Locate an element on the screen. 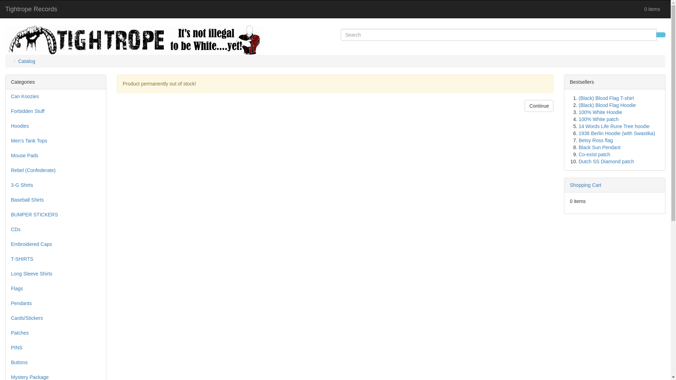 The width and height of the screenshot is (676, 380). 'Baseball Shirts' is located at coordinates (55, 199).